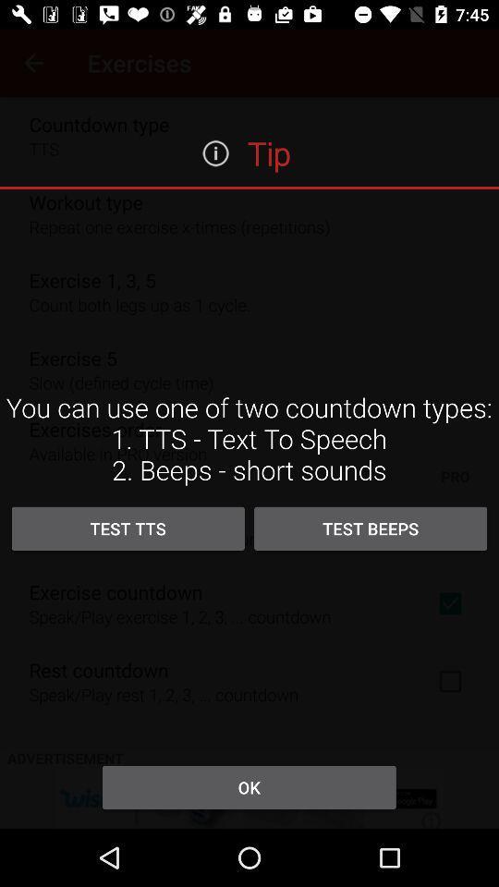 The height and width of the screenshot is (887, 499). What do you see at coordinates (371, 529) in the screenshot?
I see `the item above the ok` at bounding box center [371, 529].